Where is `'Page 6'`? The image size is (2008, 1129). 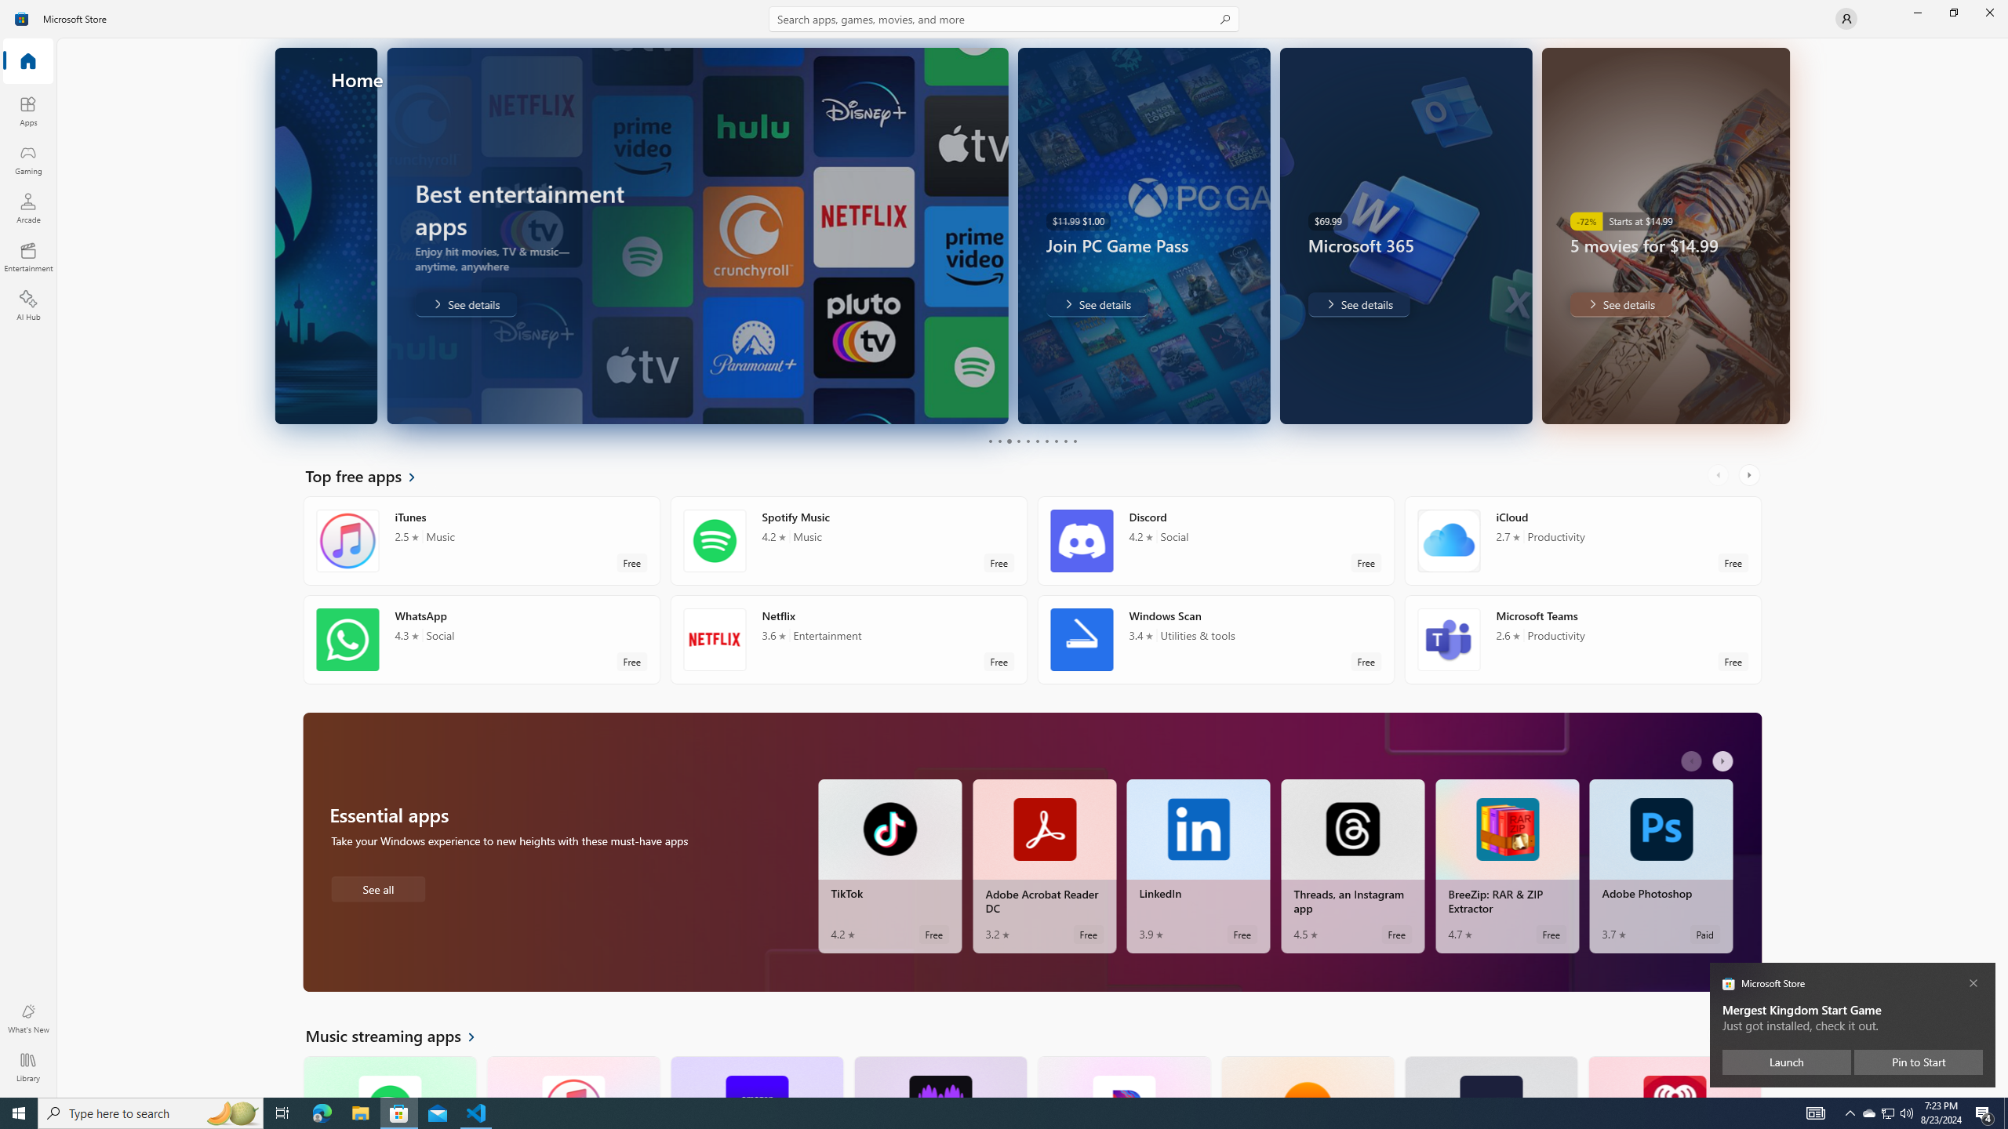 'Page 6' is located at coordinates (1036, 441).